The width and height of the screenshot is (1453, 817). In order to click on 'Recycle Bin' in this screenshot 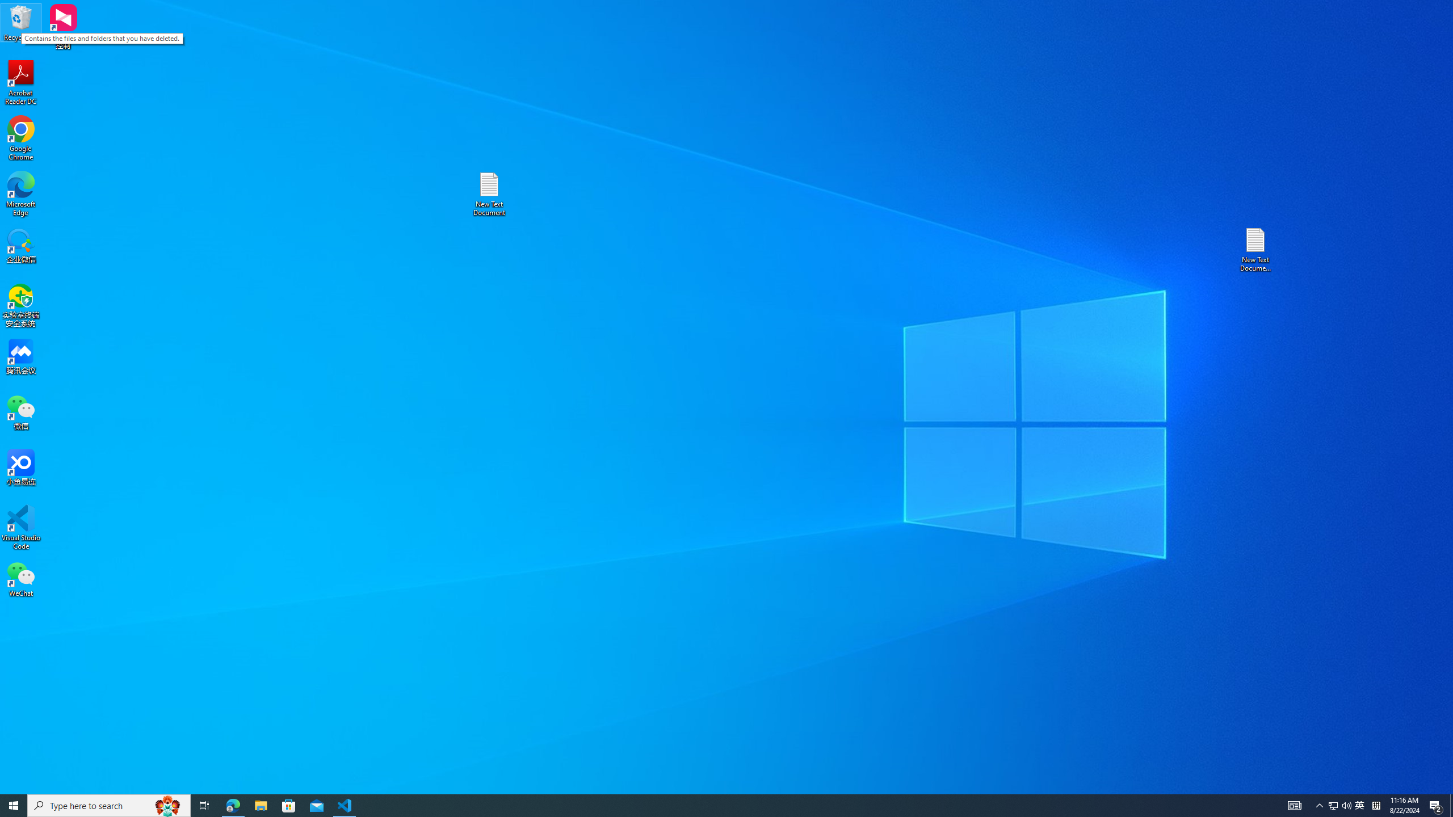, I will do `click(20, 22)`.